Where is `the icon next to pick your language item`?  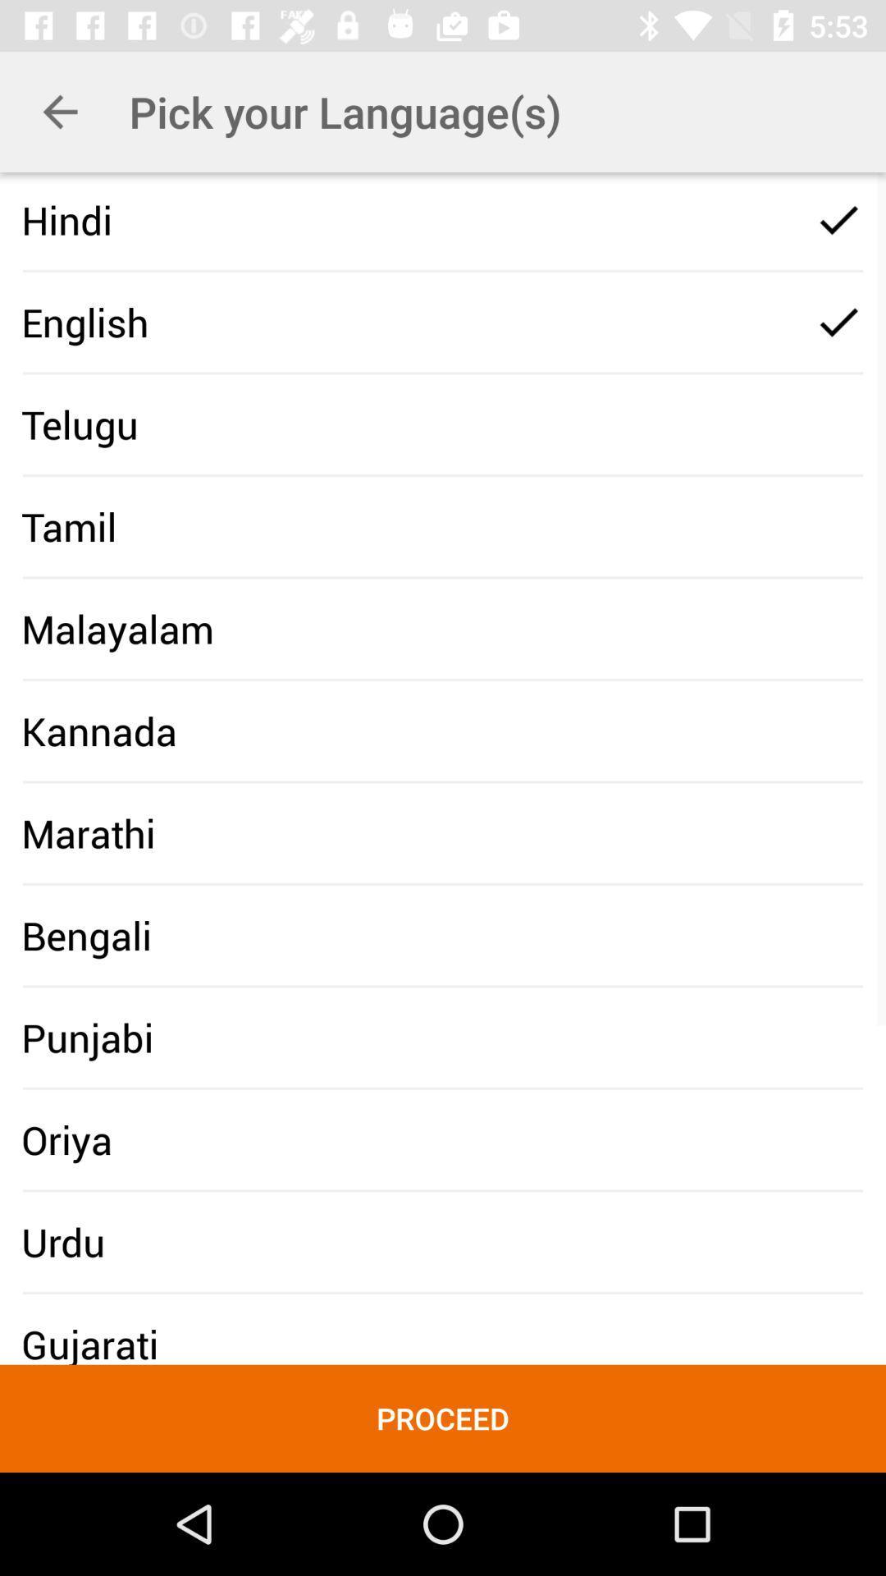
the icon next to pick your language item is located at coordinates (59, 111).